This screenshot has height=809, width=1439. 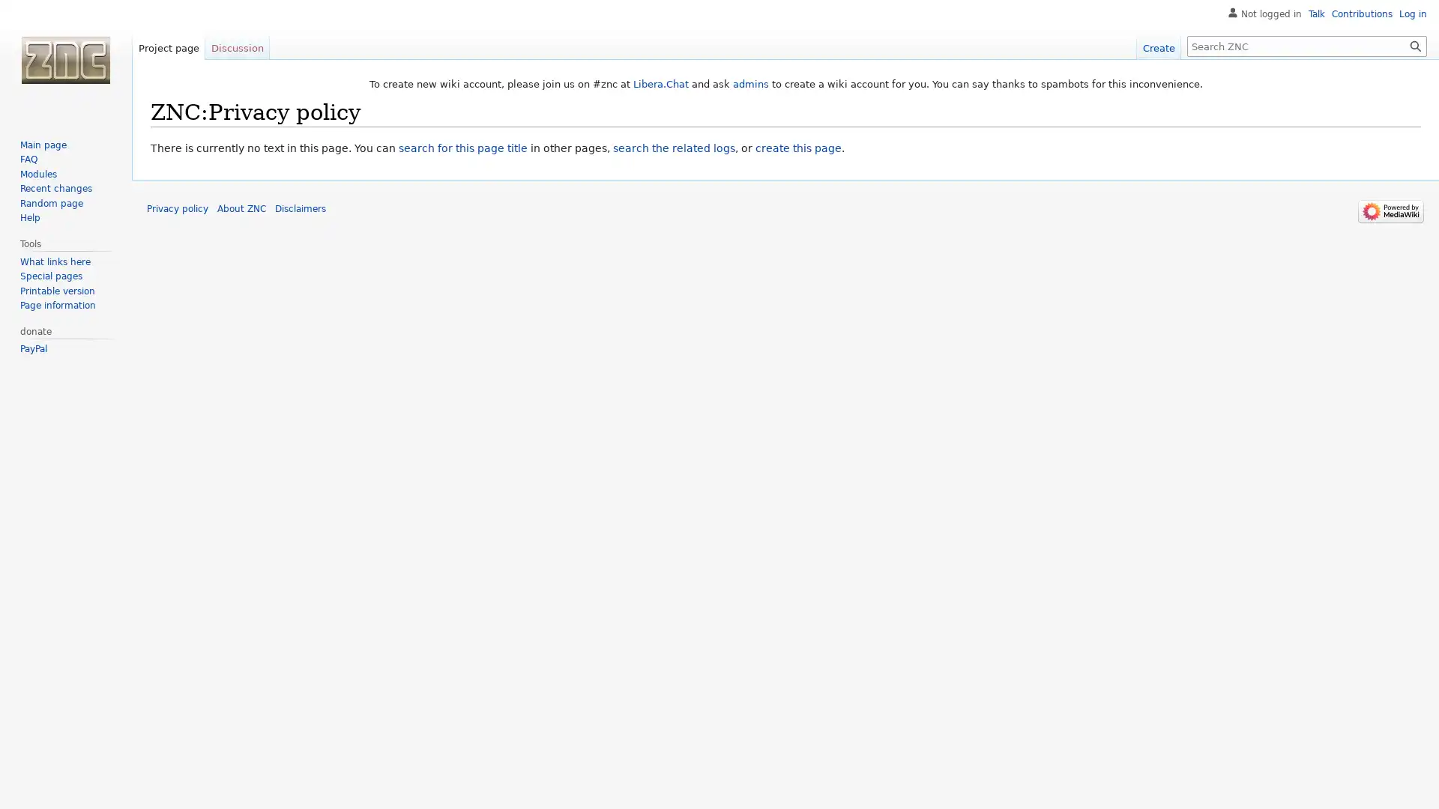 What do you see at coordinates (1415, 45) in the screenshot?
I see `Go` at bounding box center [1415, 45].